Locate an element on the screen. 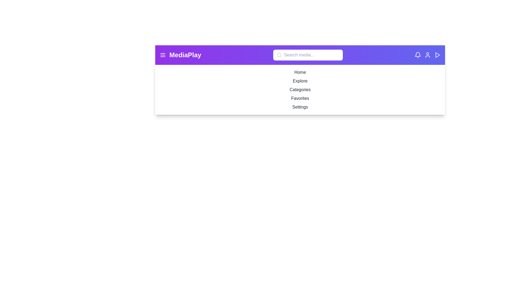 This screenshot has height=293, width=522. the 'Favorites' navigational link located as the fourth item in a vertical list of options is located at coordinates (300, 98).